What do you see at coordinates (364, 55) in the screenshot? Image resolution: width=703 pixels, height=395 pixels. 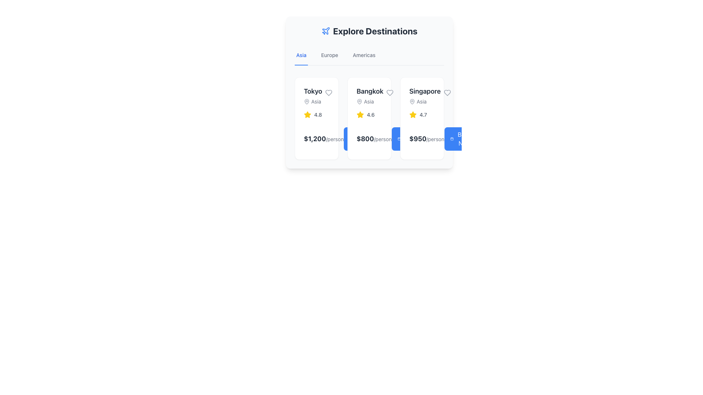 I see `the 'Americas' tab, which is the third tab in a horizontal navigation layout adjacent to the 'Asia' and 'Europe' tabs, featuring gray text and a transparent bottom border` at bounding box center [364, 55].